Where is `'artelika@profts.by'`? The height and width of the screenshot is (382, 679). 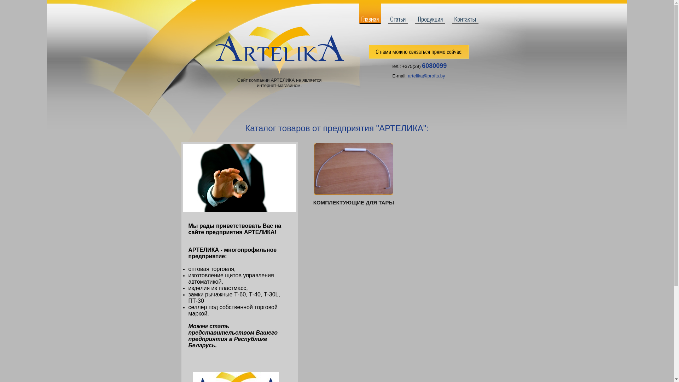
'artelika@profts.by' is located at coordinates (408, 76).